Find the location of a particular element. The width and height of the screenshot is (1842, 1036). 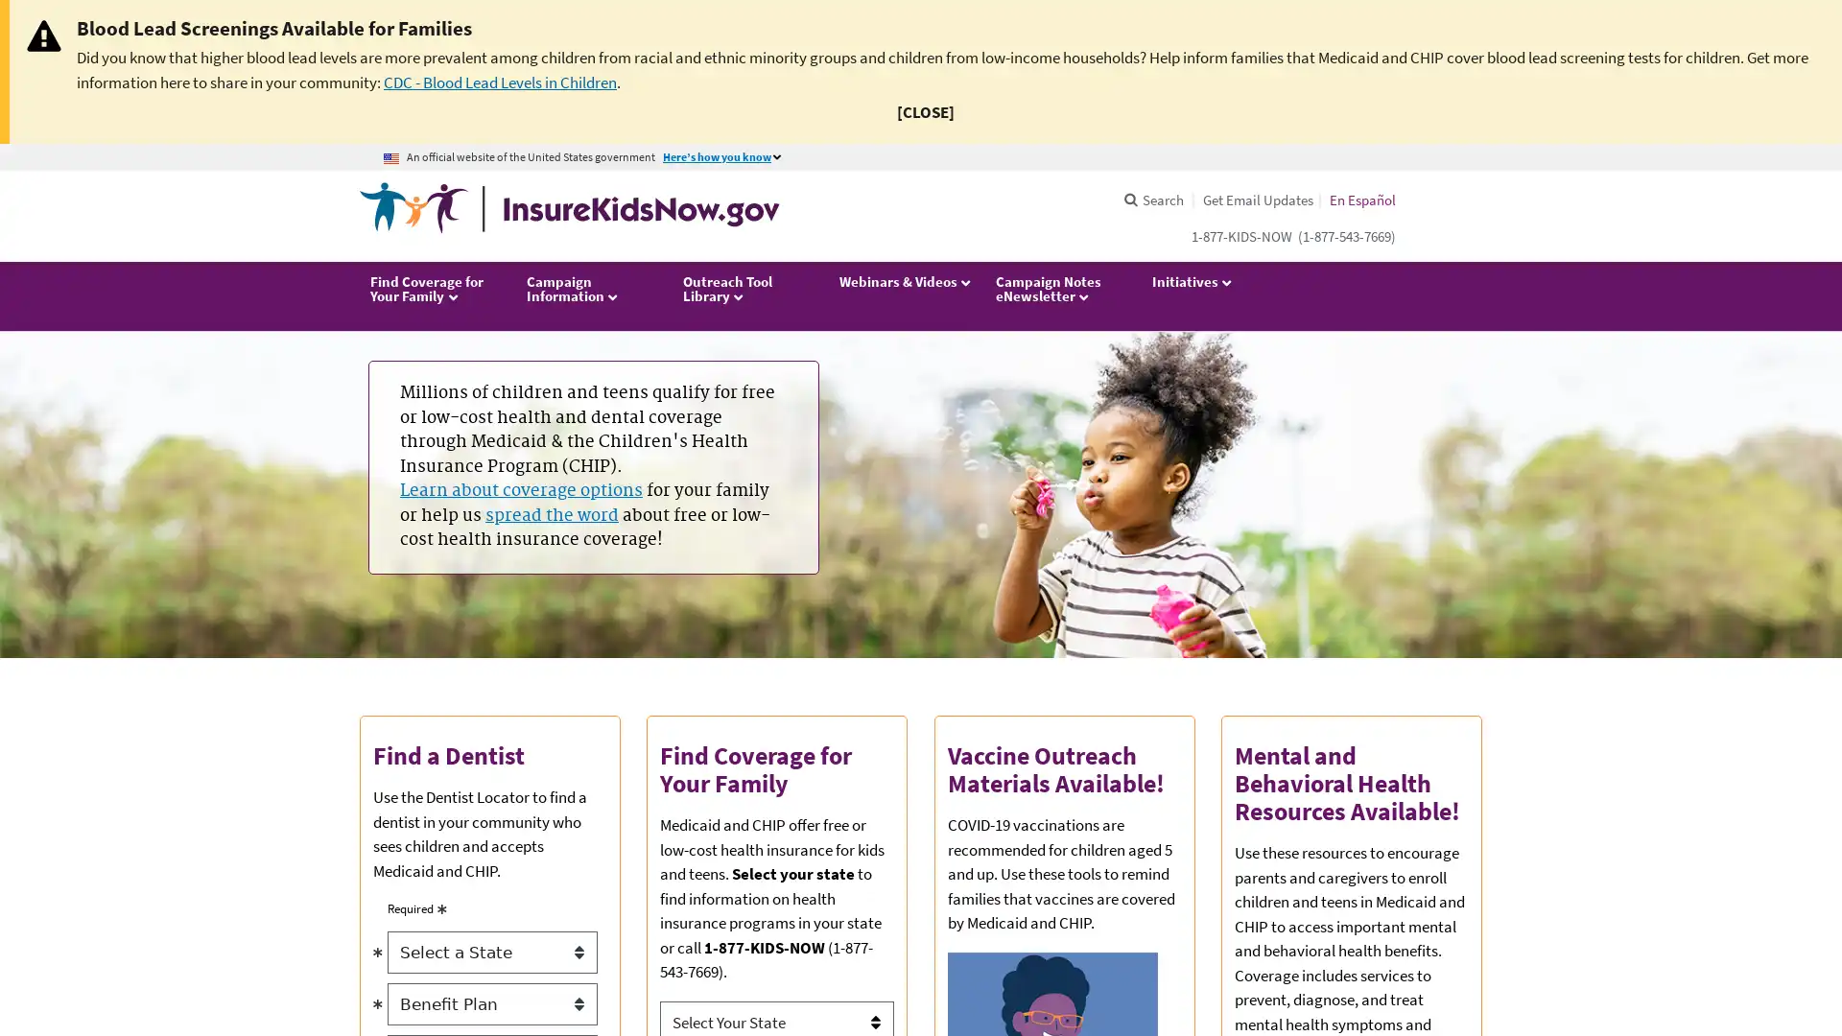

Heres how you know is located at coordinates (724, 156).